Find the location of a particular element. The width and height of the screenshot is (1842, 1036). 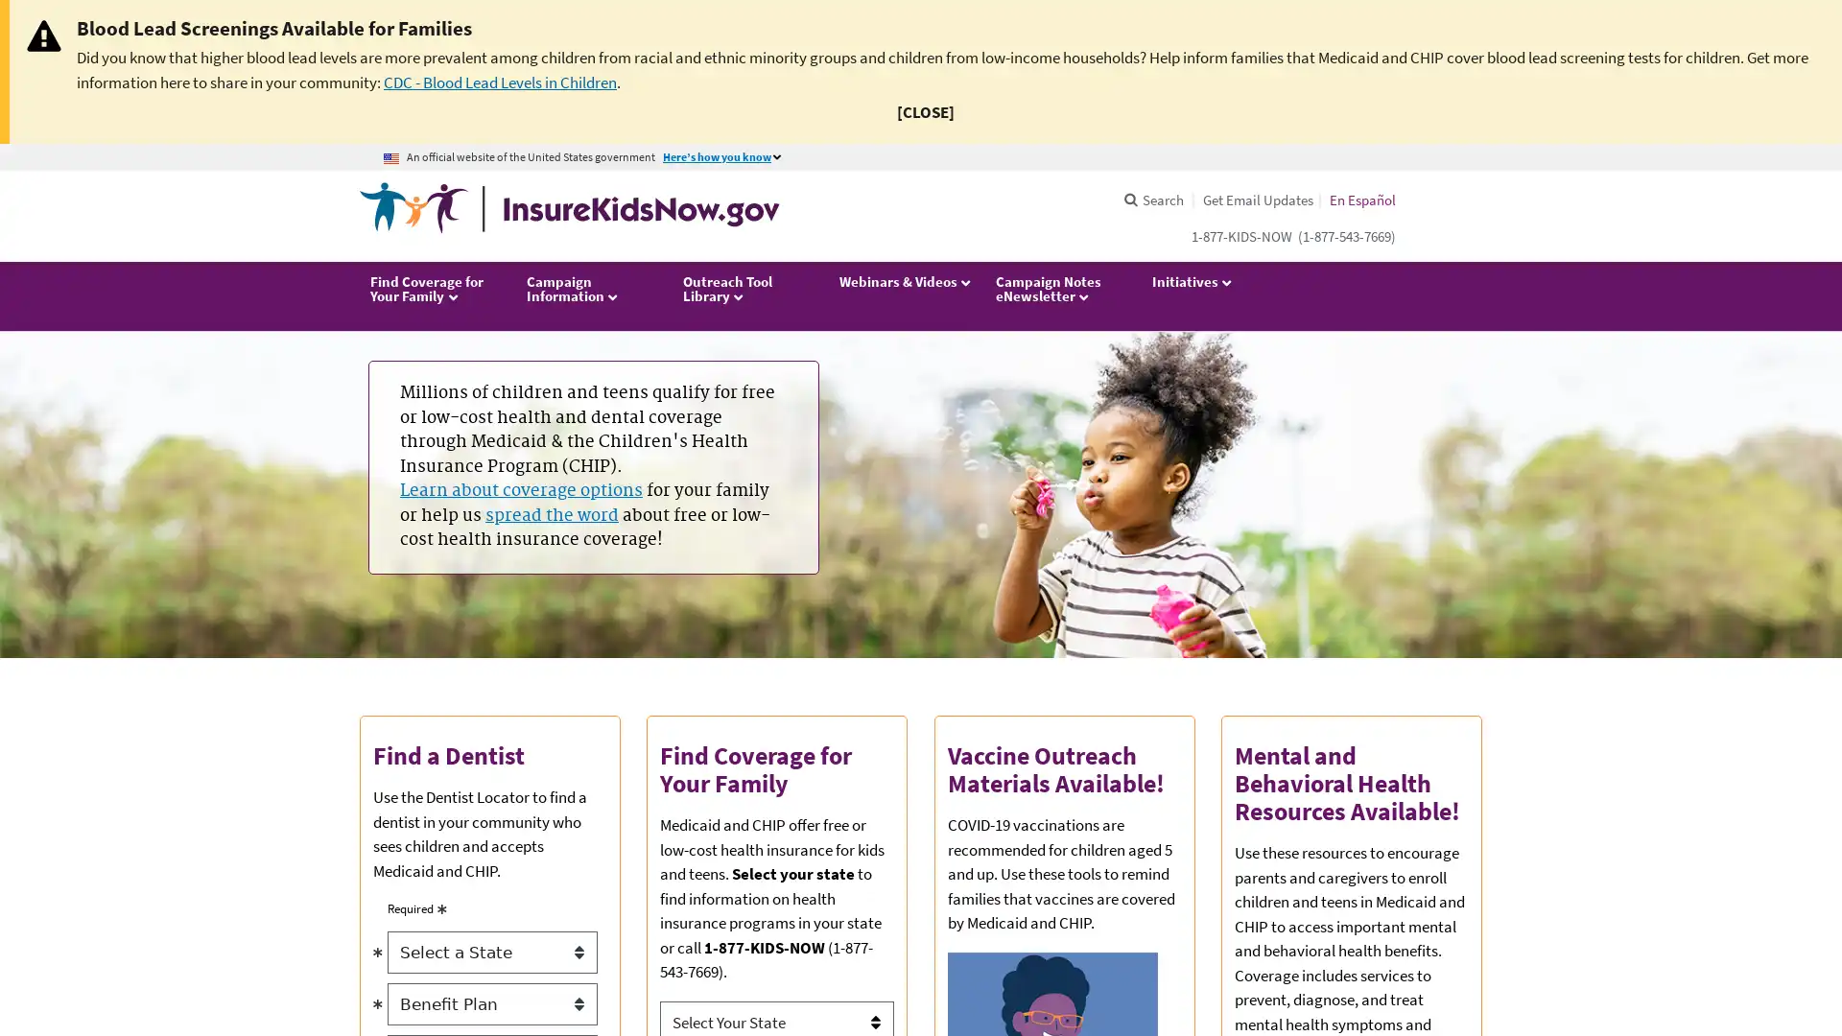

Heres how you know is located at coordinates (724, 156).